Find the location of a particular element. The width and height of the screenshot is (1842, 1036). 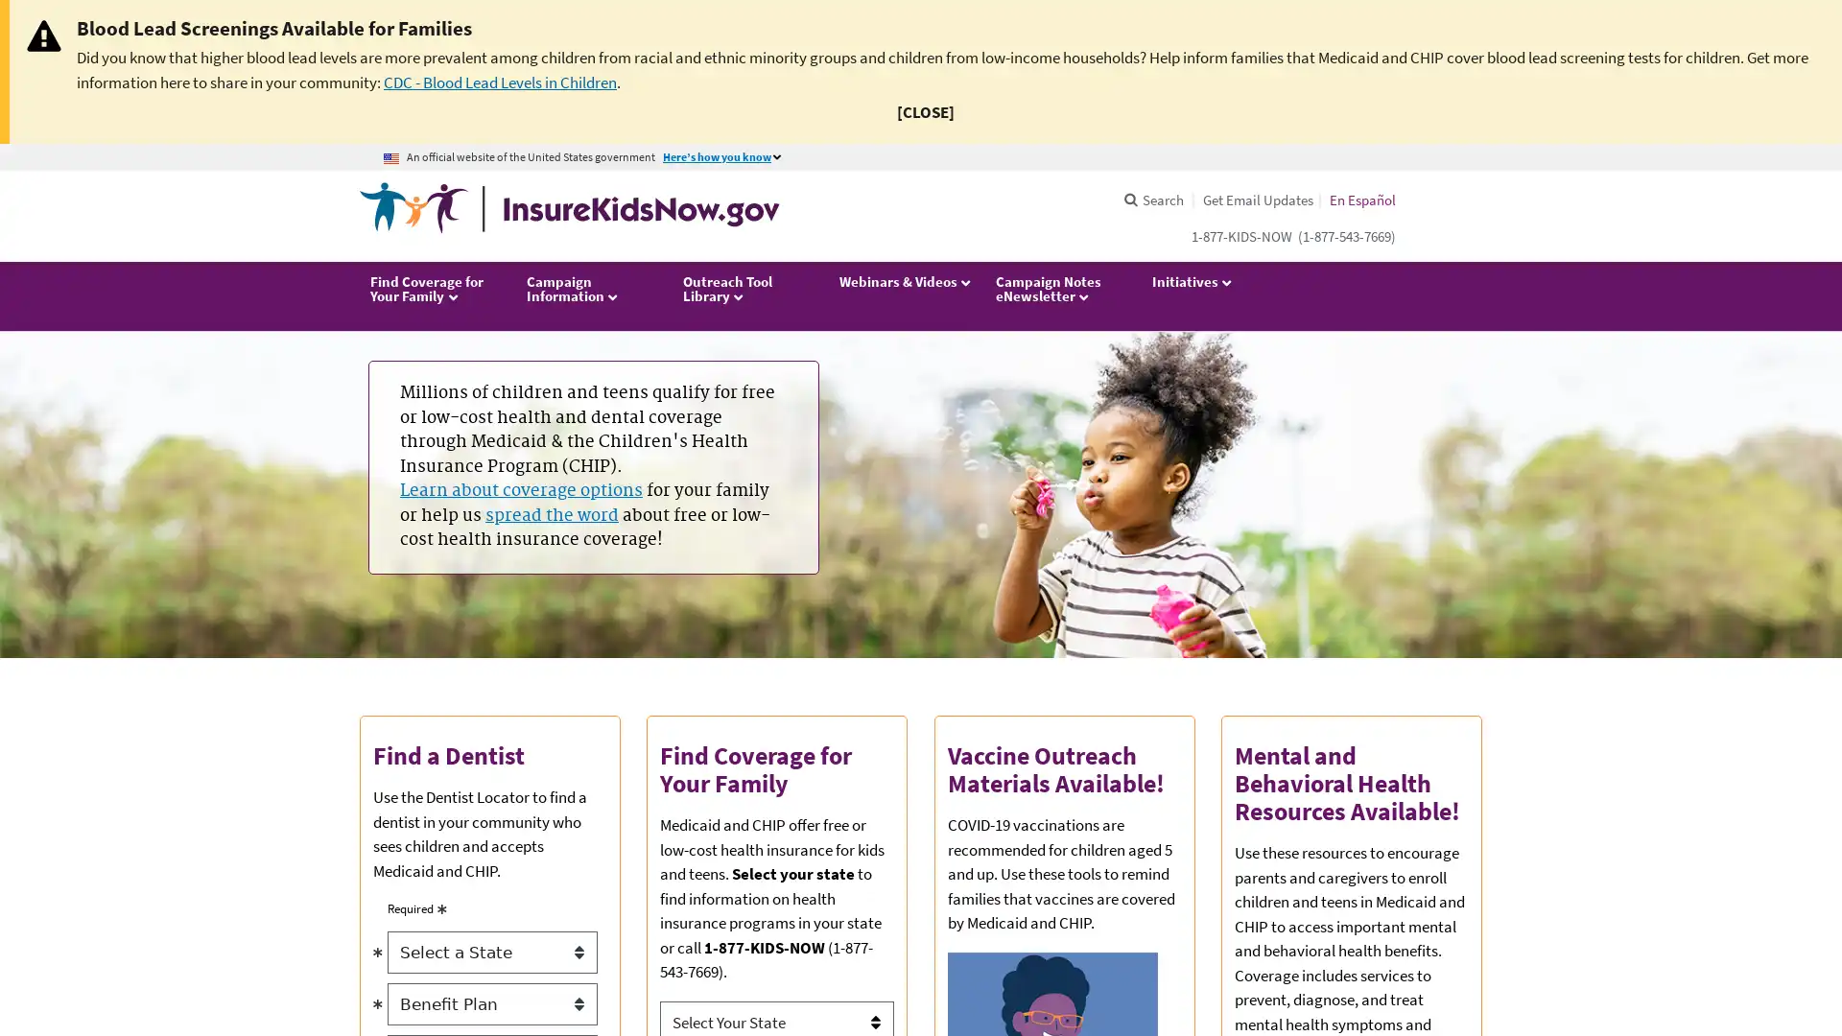

Heres how you know is located at coordinates (724, 156).